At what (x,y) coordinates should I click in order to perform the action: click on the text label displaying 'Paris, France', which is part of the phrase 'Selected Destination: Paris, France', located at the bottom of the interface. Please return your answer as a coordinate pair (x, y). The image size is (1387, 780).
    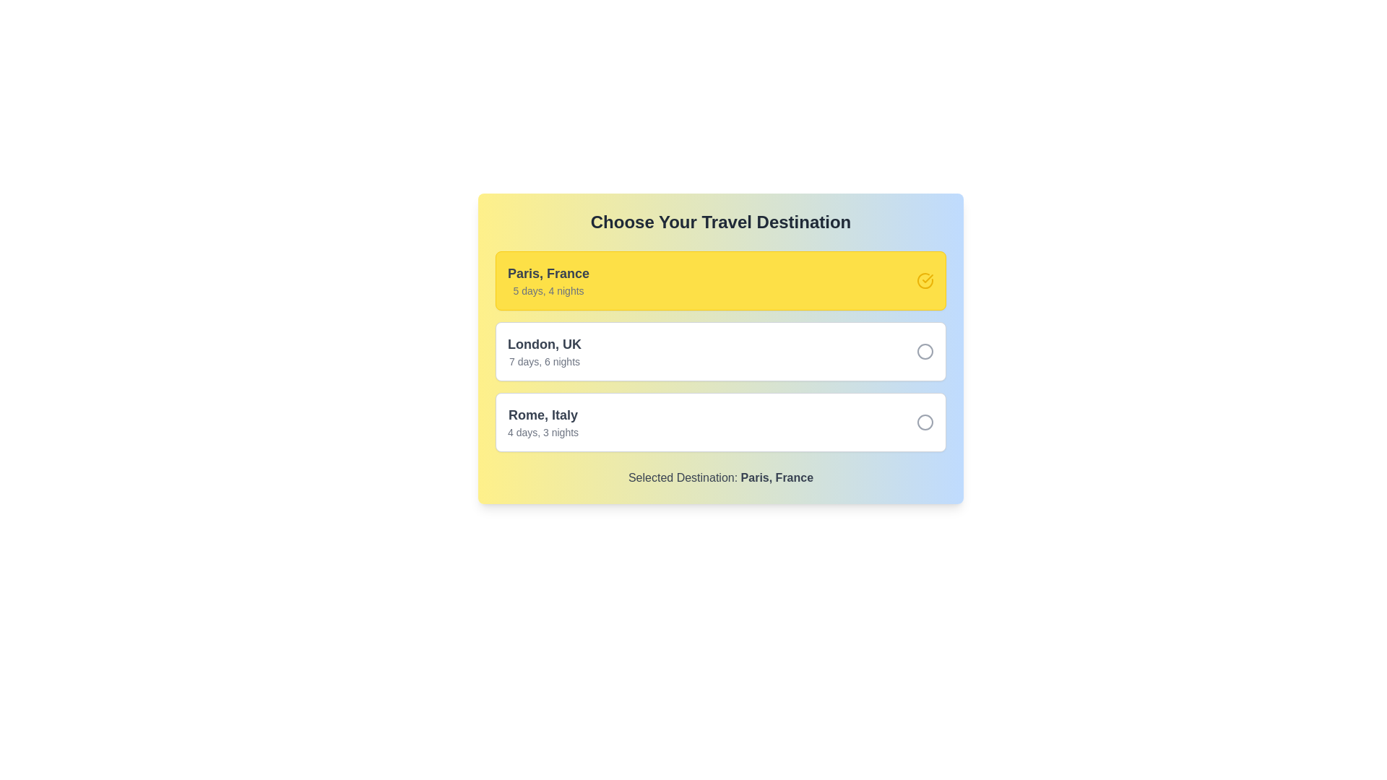
    Looking at the image, I should click on (776, 477).